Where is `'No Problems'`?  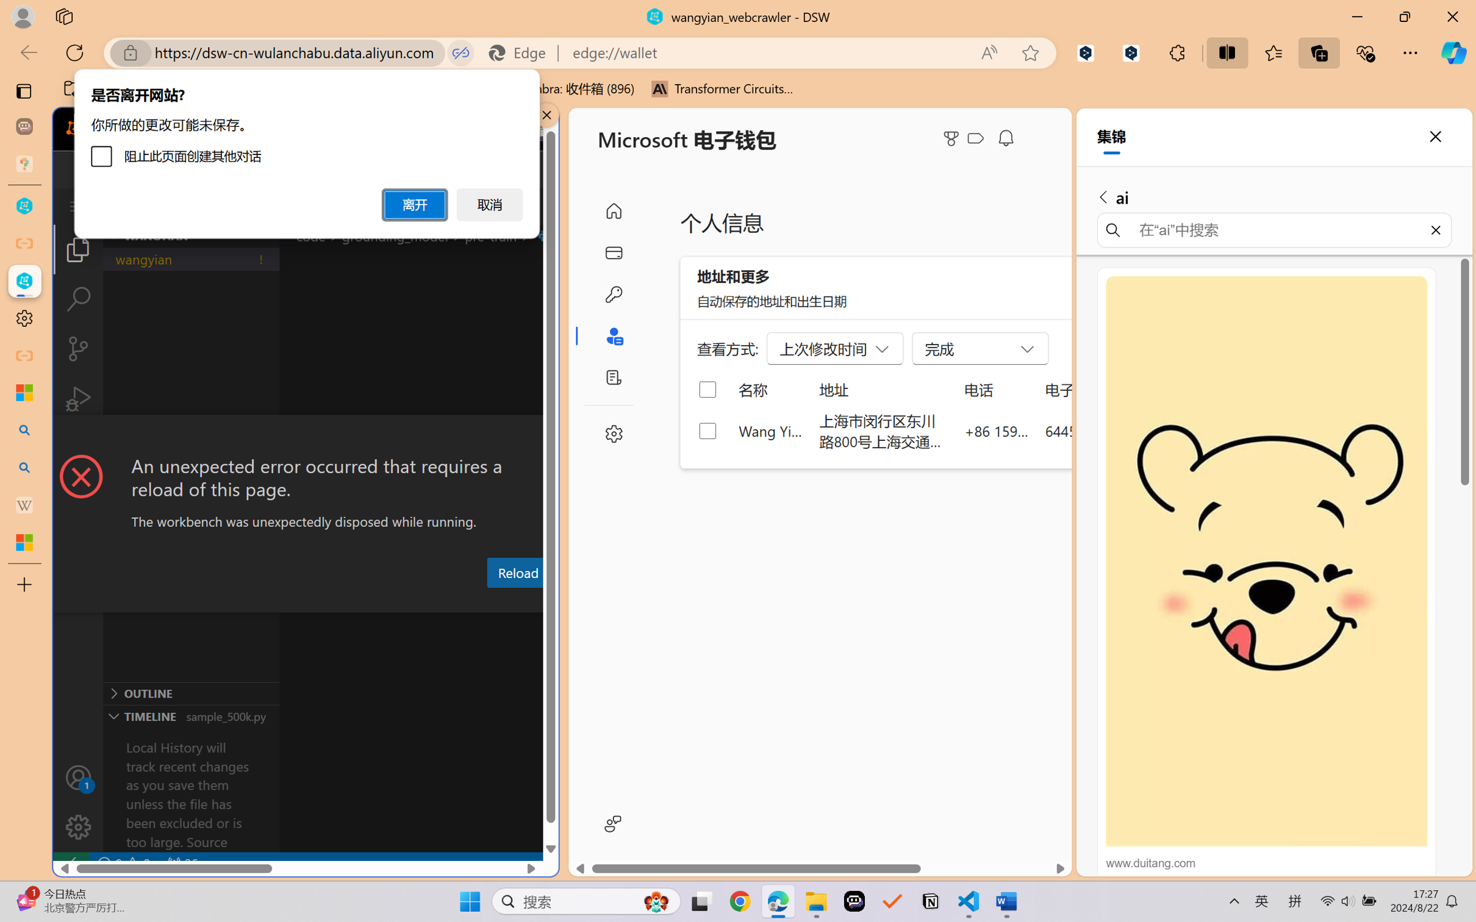
'No Problems' is located at coordinates (122, 863).